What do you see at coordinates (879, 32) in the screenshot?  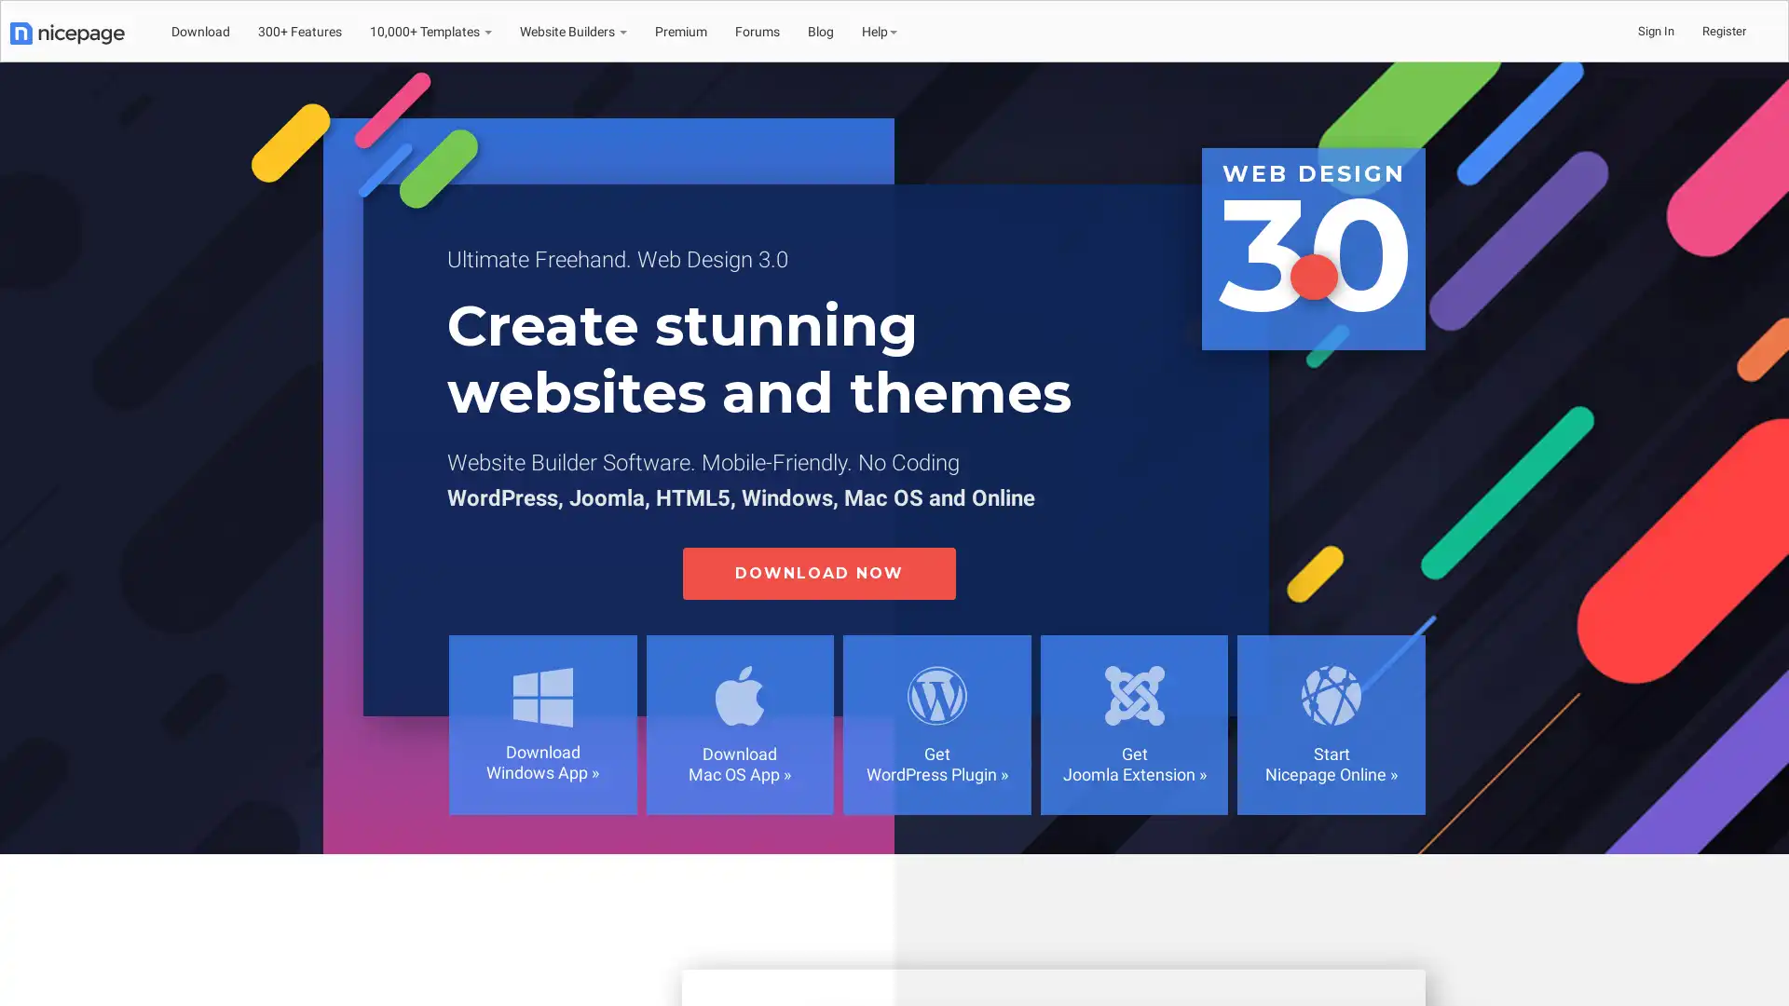 I see `Help` at bounding box center [879, 32].